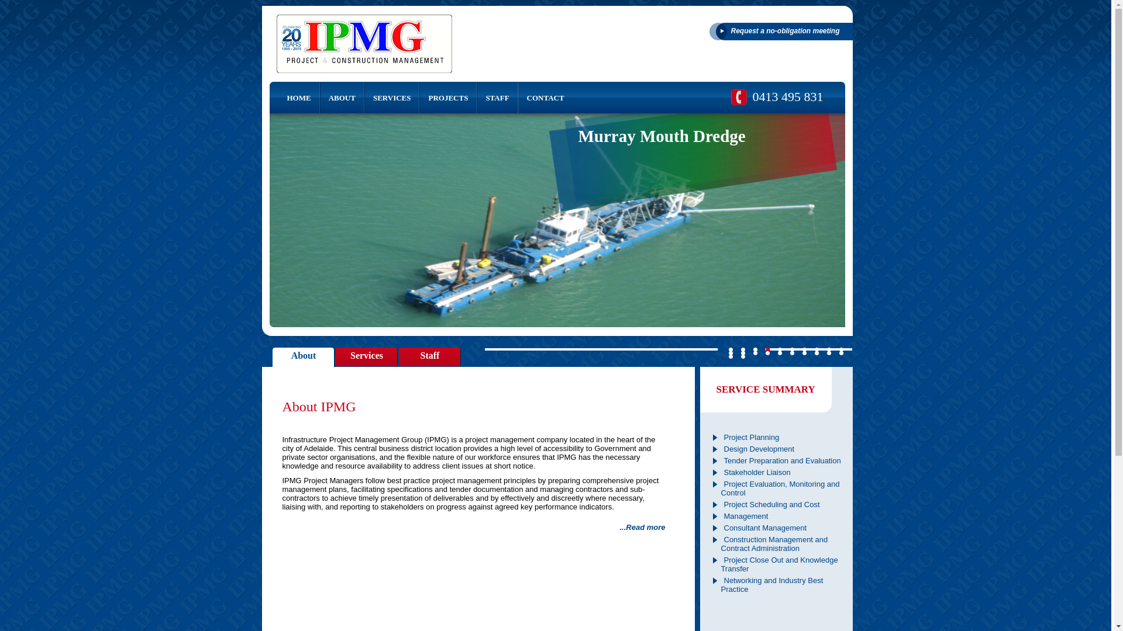 This screenshot has height=631, width=1123. What do you see at coordinates (816, 348) in the screenshot?
I see `'8'` at bounding box center [816, 348].